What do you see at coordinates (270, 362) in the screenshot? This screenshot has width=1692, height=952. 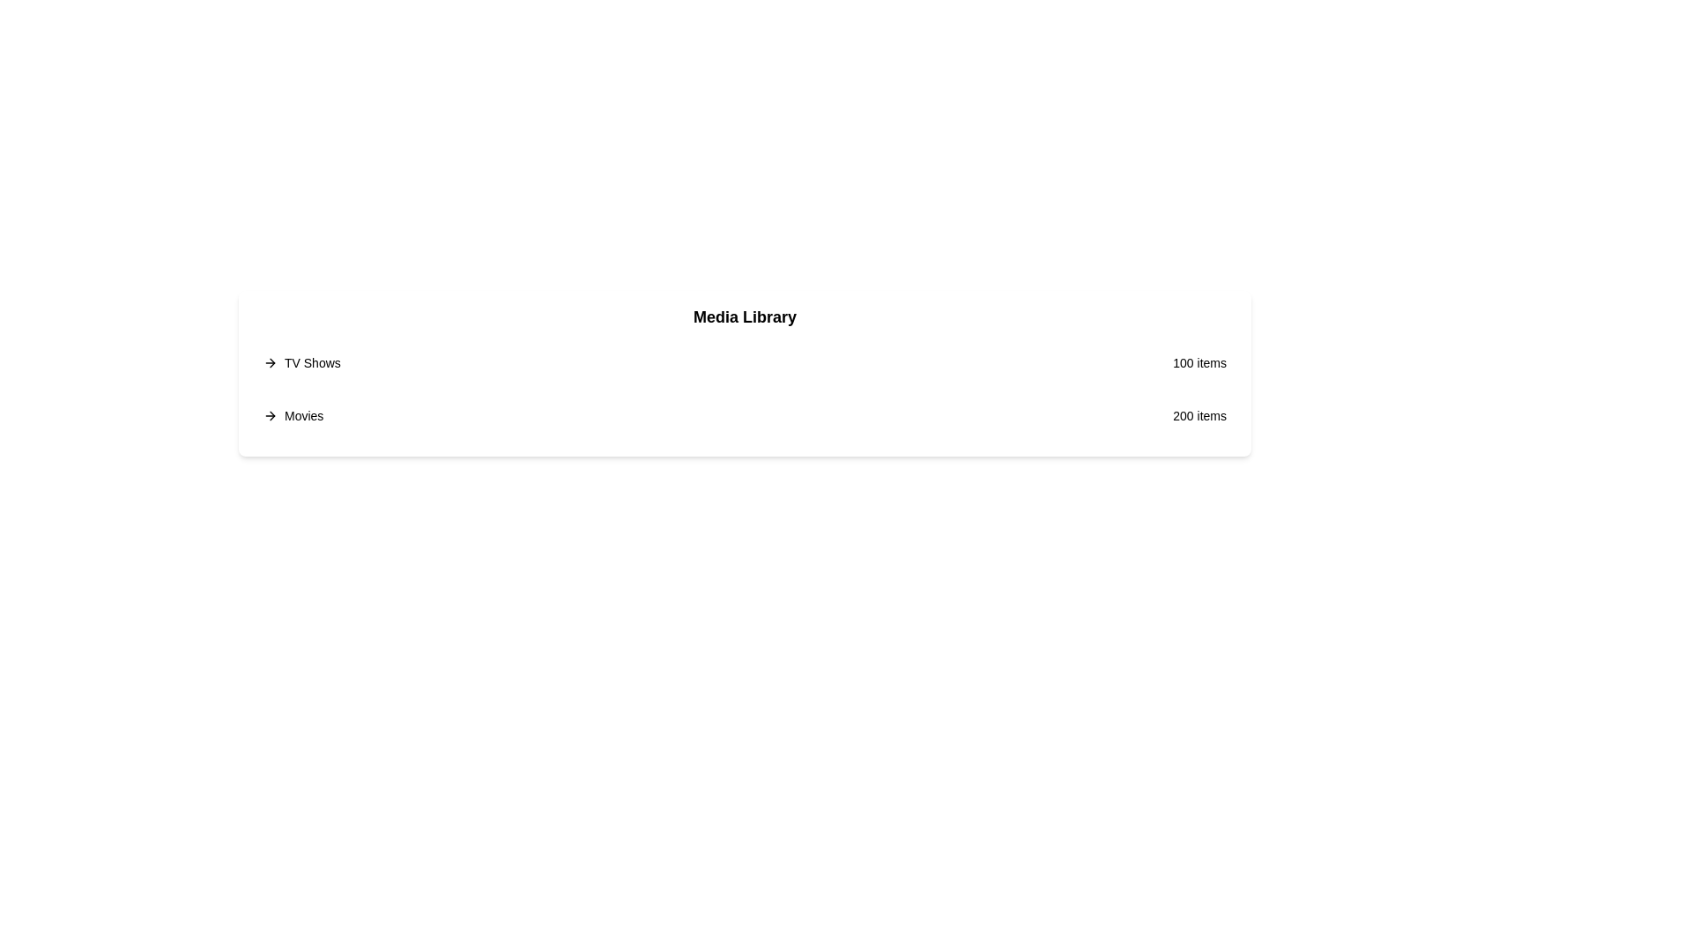 I see `the arrow icon that serves as a visual indicator for the 'TV Shows' label, positioned to the left of the label` at bounding box center [270, 362].